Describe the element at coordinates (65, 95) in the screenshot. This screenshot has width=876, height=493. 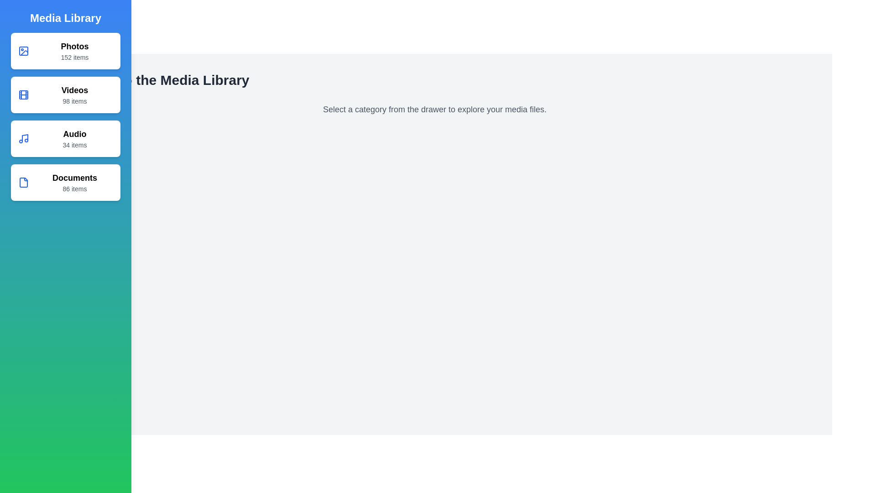
I see `the media category Videos to observe its hover effect` at that location.